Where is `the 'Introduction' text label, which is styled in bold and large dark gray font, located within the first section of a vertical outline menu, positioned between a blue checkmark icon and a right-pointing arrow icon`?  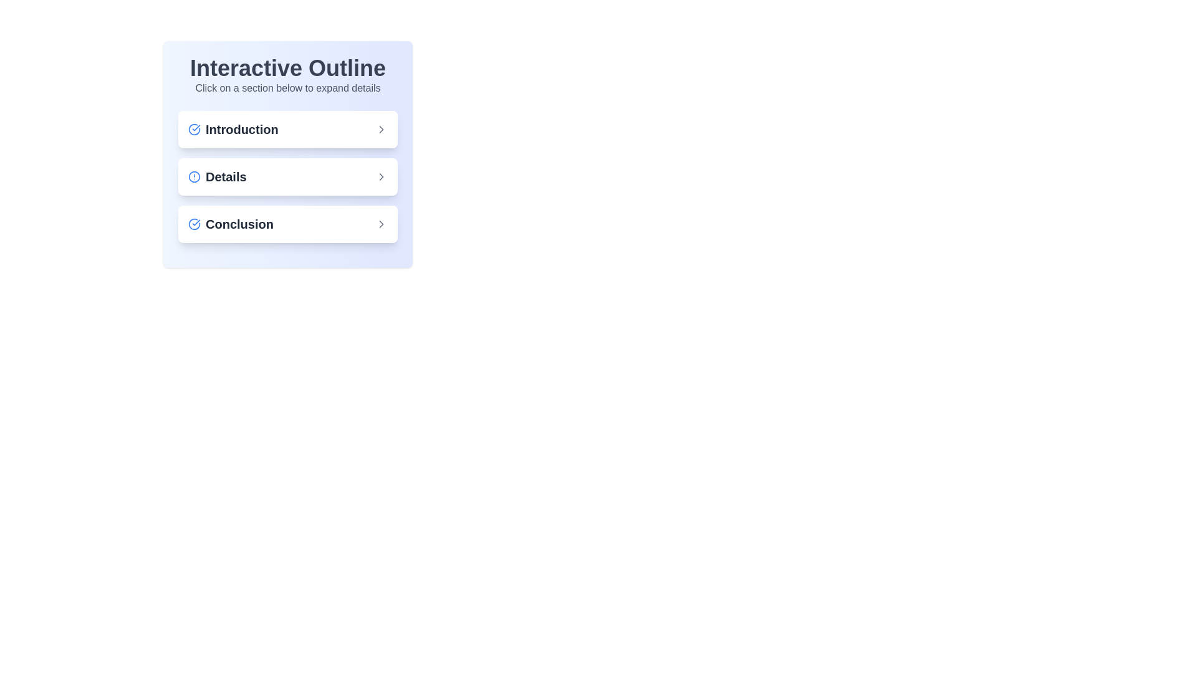
the 'Introduction' text label, which is styled in bold and large dark gray font, located within the first section of a vertical outline menu, positioned between a blue checkmark icon and a right-pointing arrow icon is located at coordinates (242, 130).